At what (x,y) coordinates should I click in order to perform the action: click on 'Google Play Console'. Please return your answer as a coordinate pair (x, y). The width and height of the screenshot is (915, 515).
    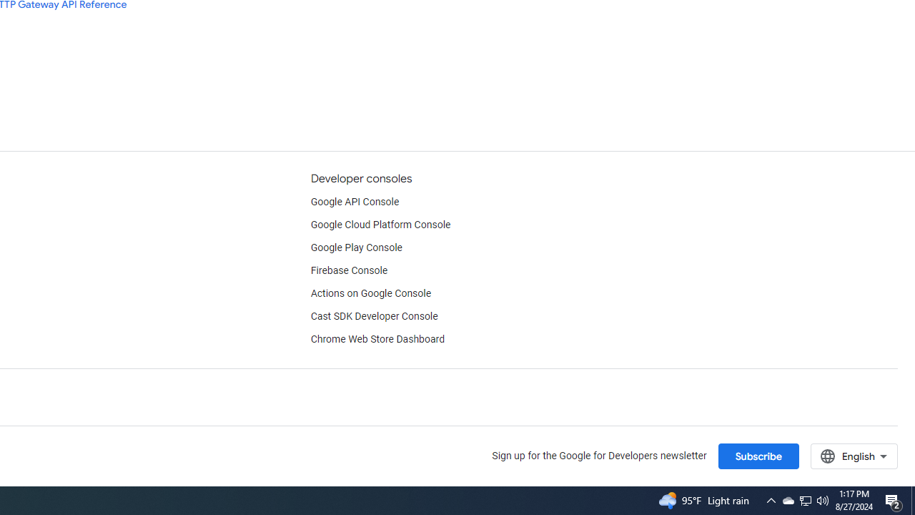
    Looking at the image, I should click on (356, 247).